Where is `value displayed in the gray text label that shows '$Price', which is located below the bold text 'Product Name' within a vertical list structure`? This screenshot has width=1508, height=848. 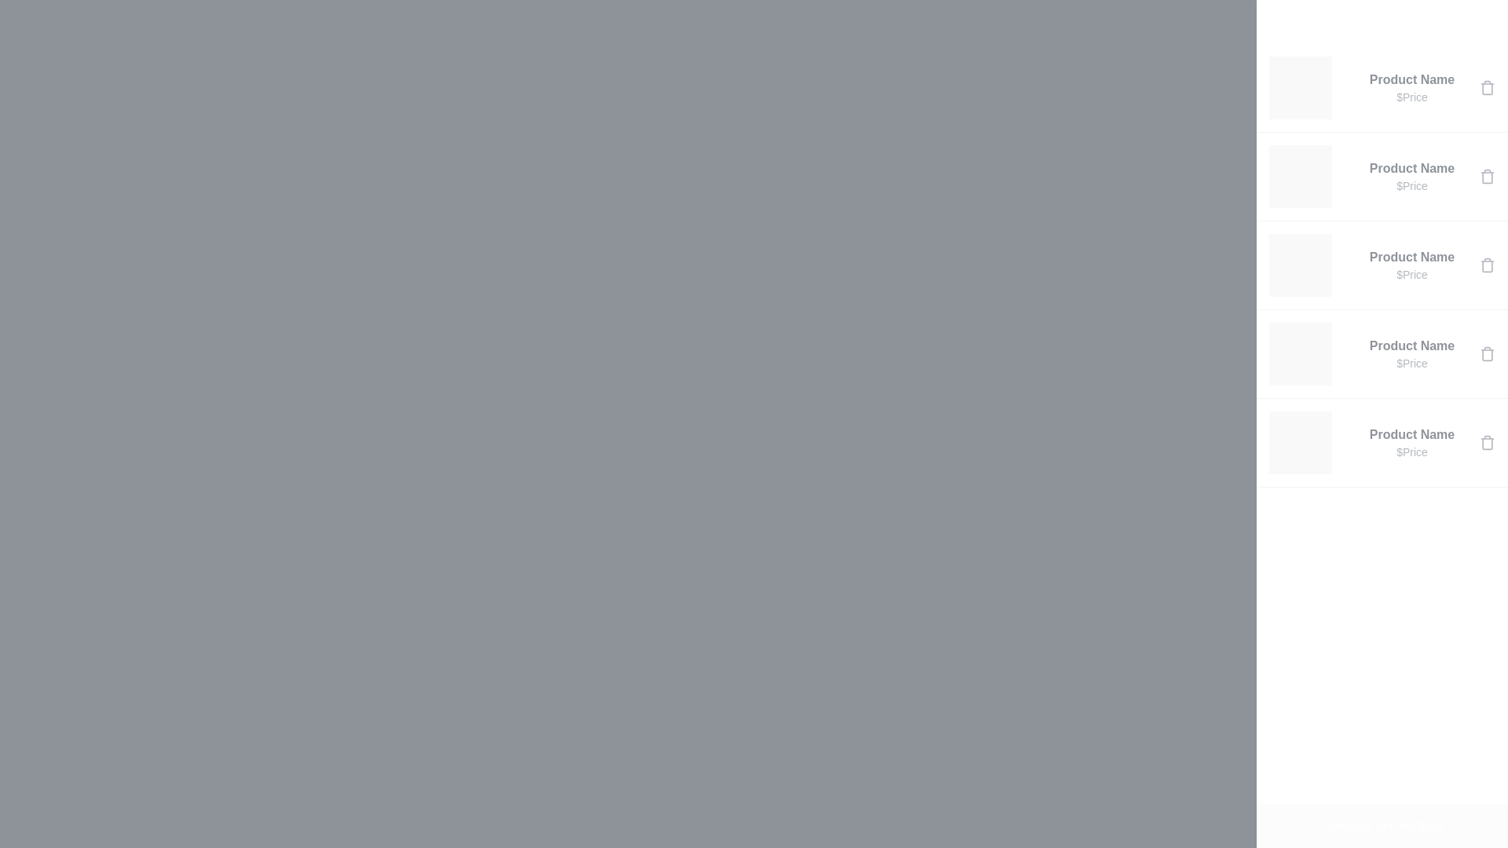
value displayed in the gray text label that shows '$Price', which is located below the bold text 'Product Name' within a vertical list structure is located at coordinates (1412, 363).